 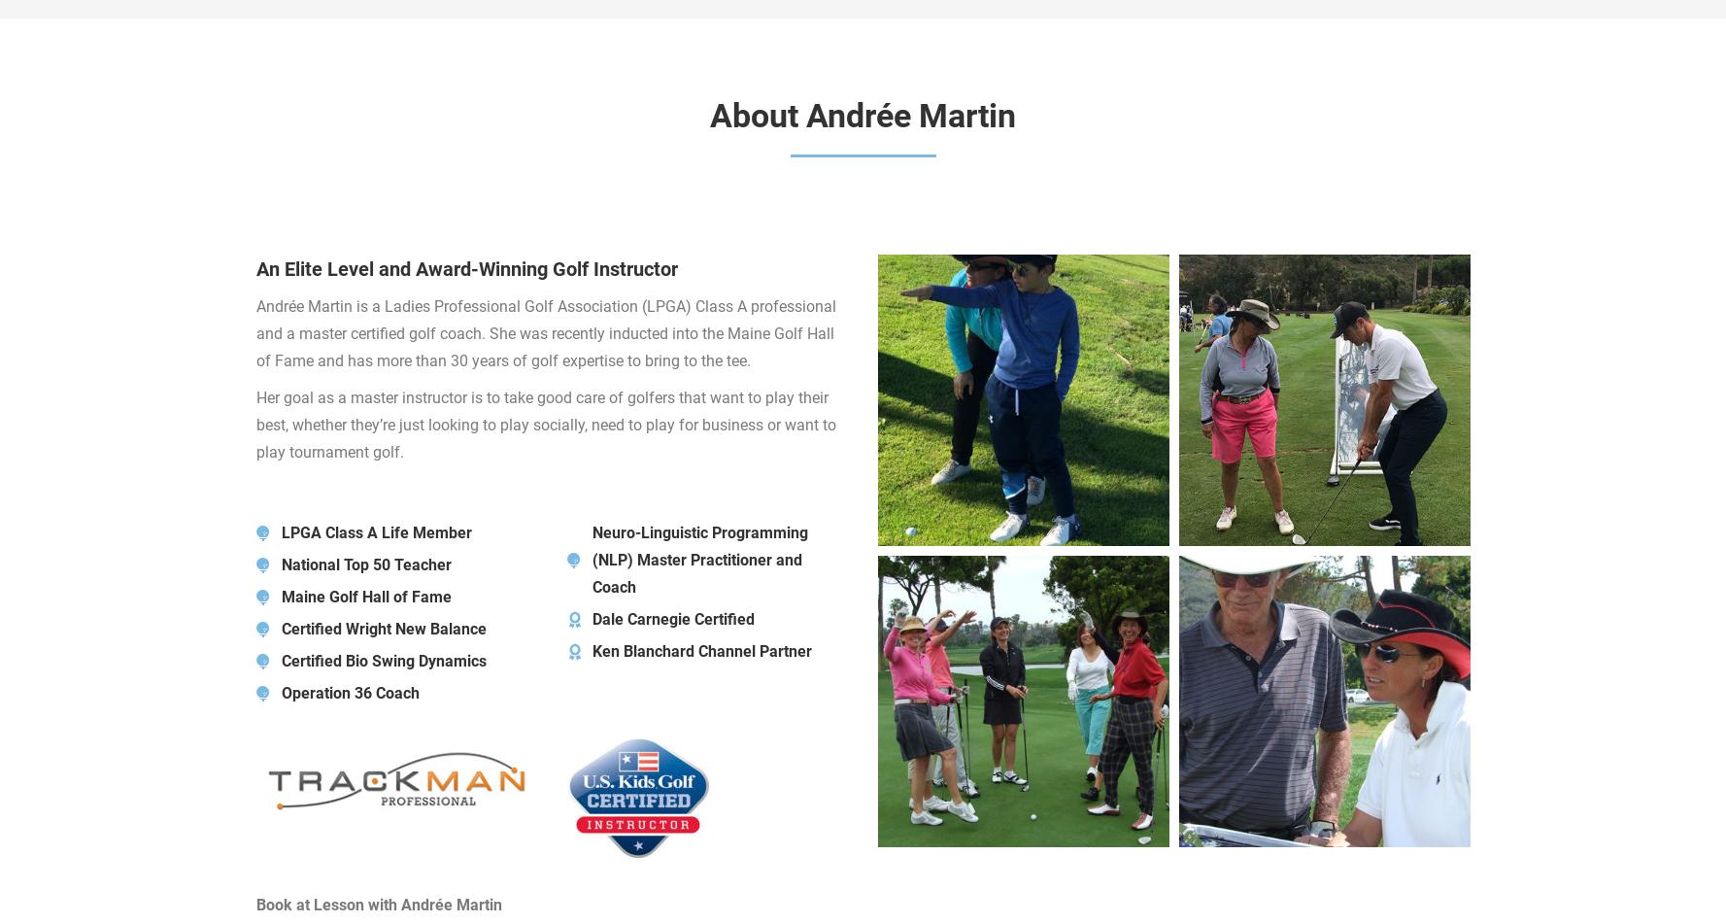 What do you see at coordinates (378, 904) in the screenshot?
I see `'Book at Lesson with Andrée Martin'` at bounding box center [378, 904].